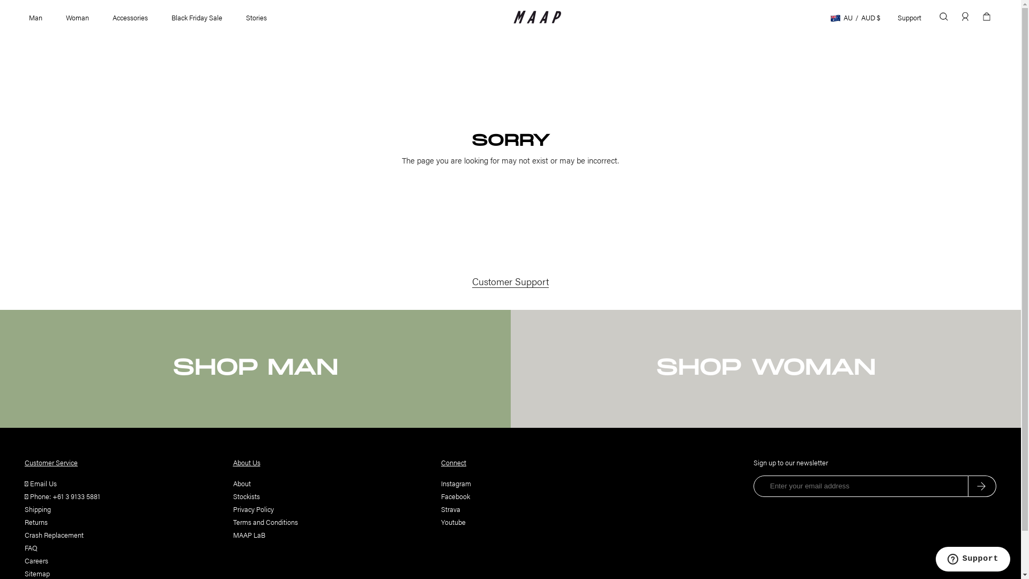  What do you see at coordinates (455, 496) in the screenshot?
I see `'Facebook'` at bounding box center [455, 496].